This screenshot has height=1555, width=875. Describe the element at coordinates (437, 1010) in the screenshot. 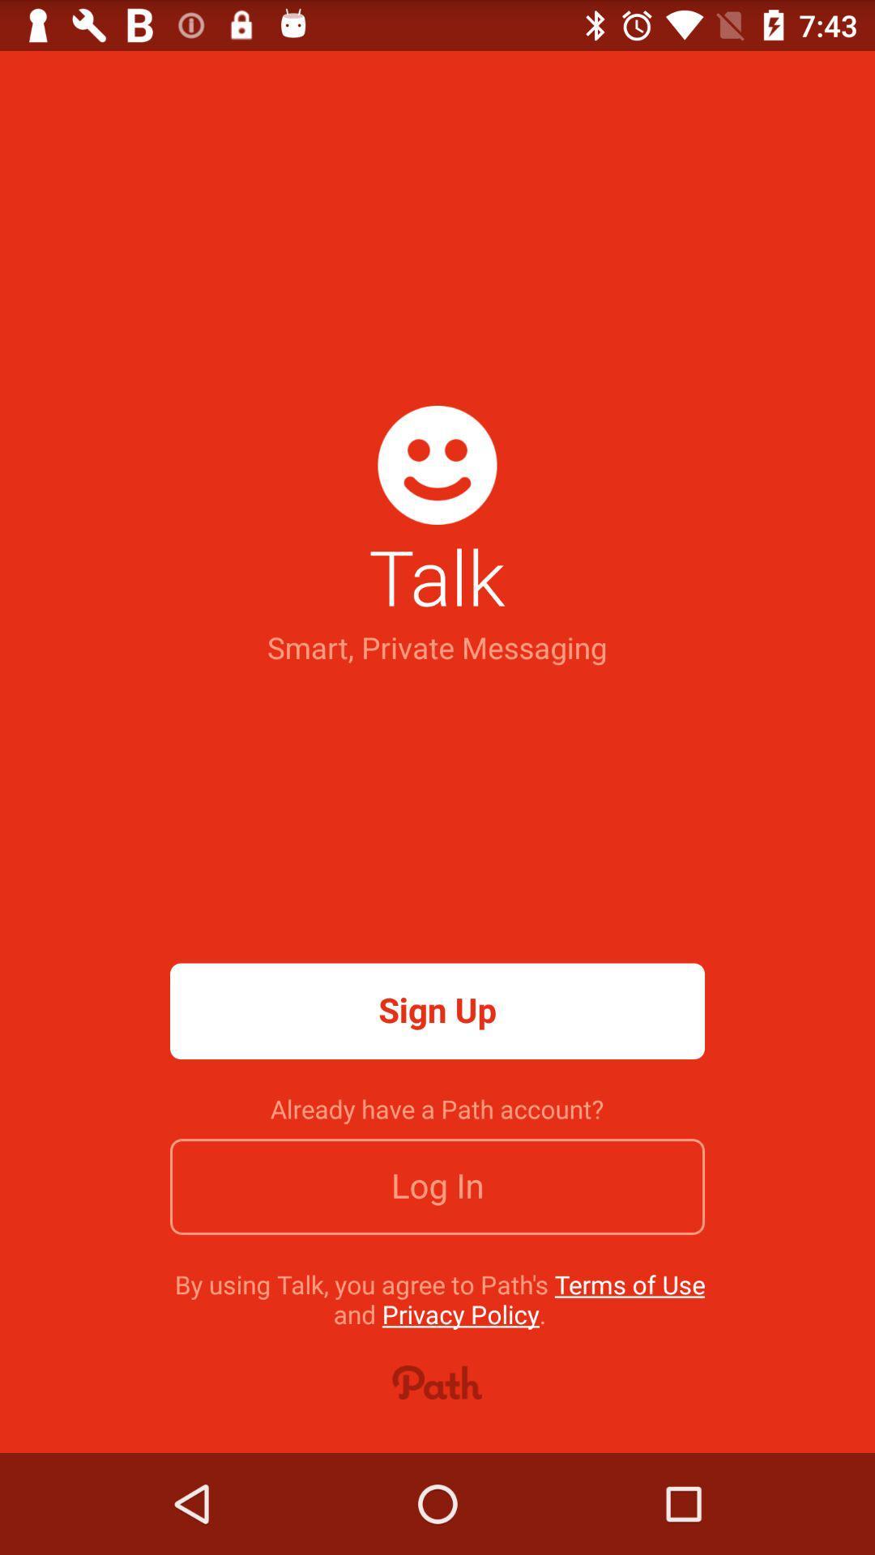

I see `sign up item` at that location.